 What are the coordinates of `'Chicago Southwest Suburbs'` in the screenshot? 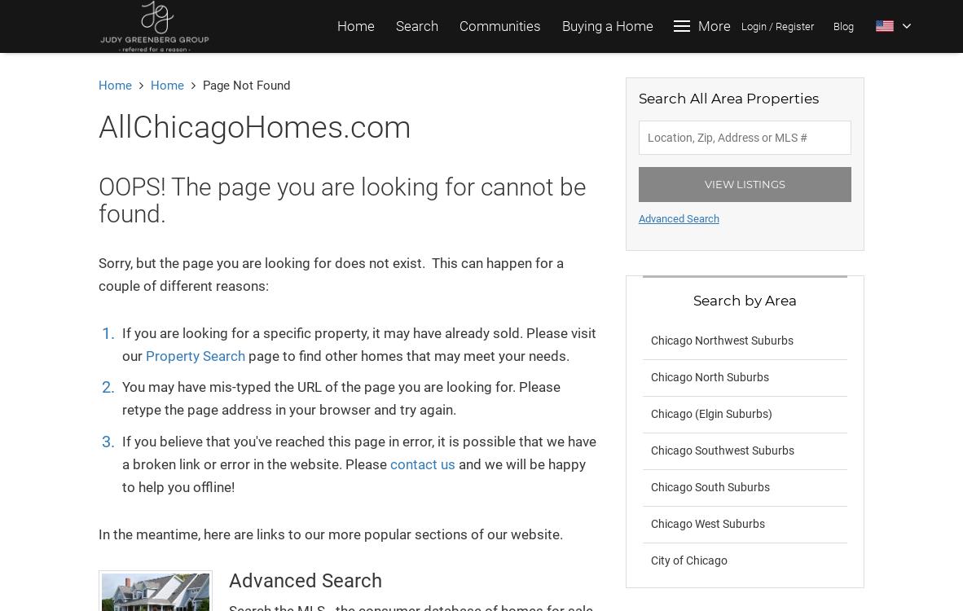 It's located at (721, 450).